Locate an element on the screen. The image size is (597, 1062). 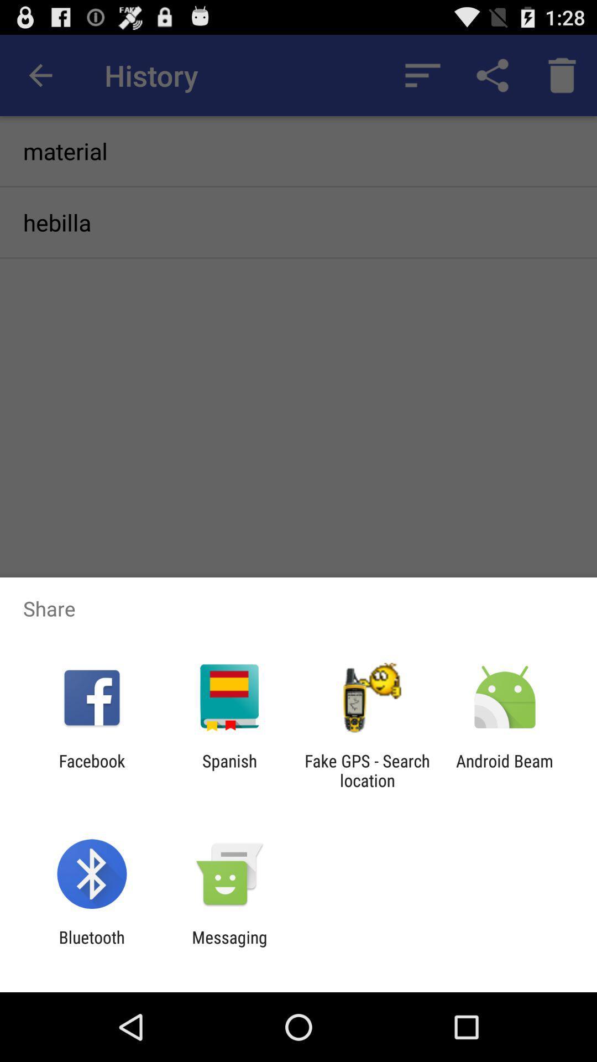
the fake gps search icon is located at coordinates (367, 770).